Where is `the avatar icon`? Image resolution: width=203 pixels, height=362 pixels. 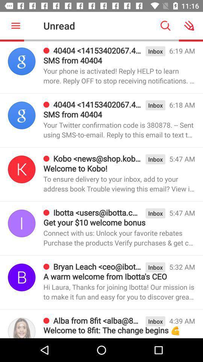 the avatar icon is located at coordinates (21, 115).